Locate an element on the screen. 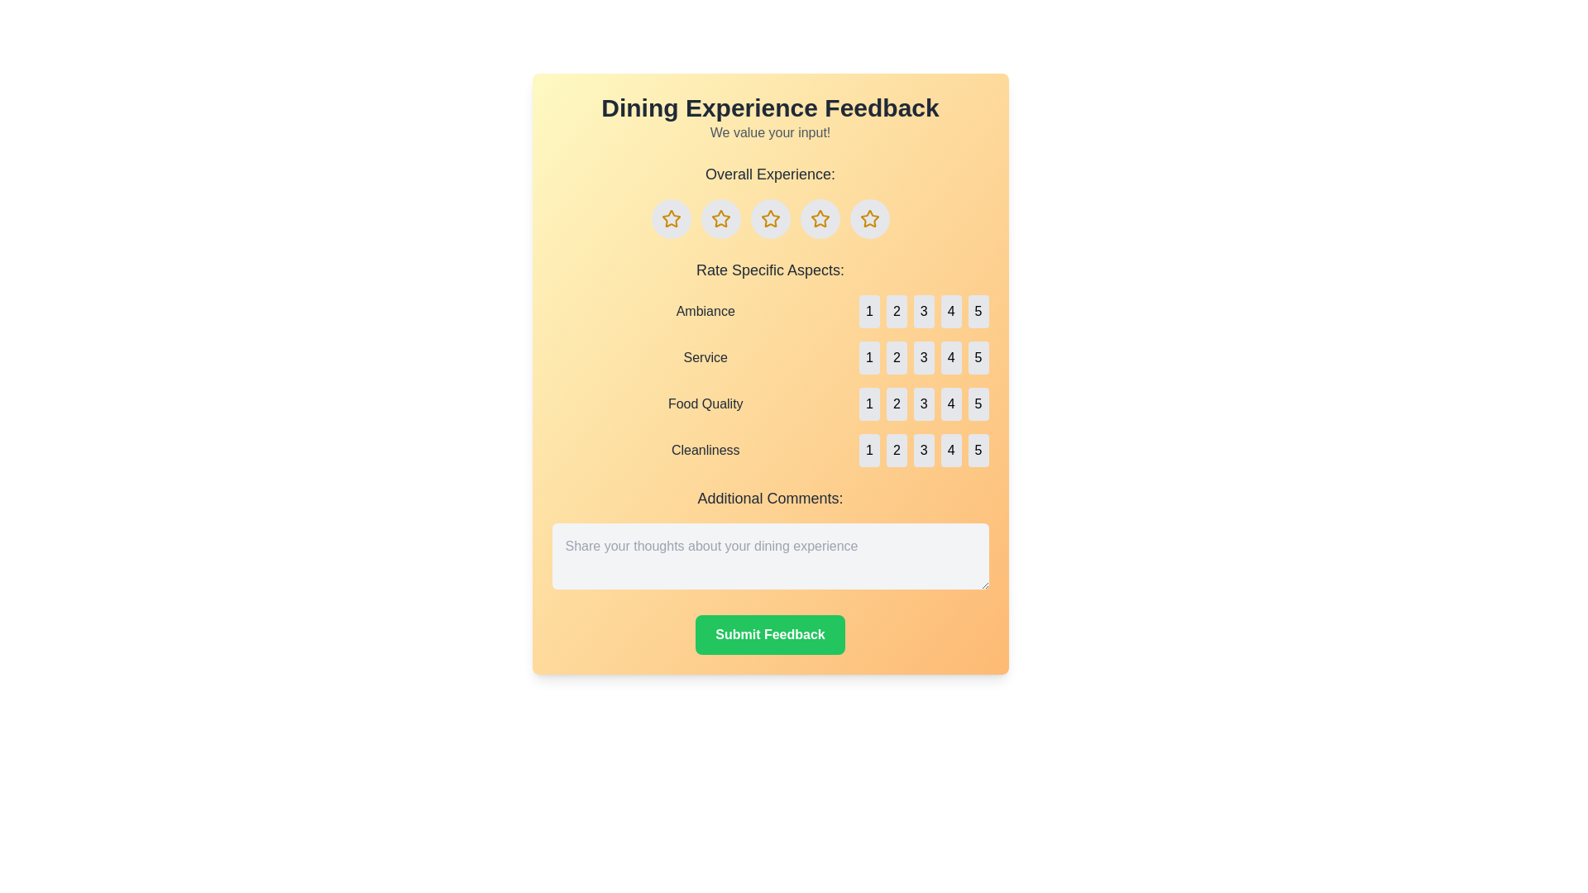 This screenshot has width=1588, height=893. the first star icon in the horizontal row of five stars is located at coordinates (671, 218).